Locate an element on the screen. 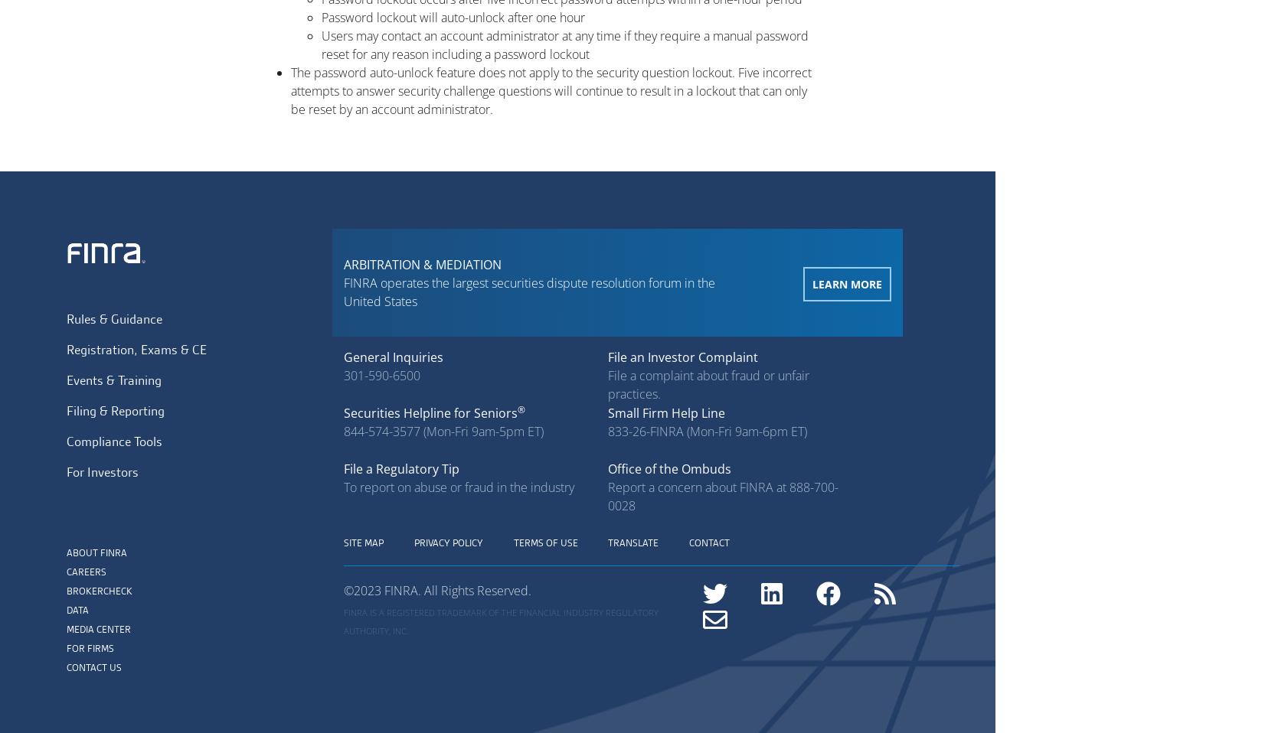 Image resolution: width=1265 pixels, height=733 pixels. 'Privacy Policy' is located at coordinates (413, 542).